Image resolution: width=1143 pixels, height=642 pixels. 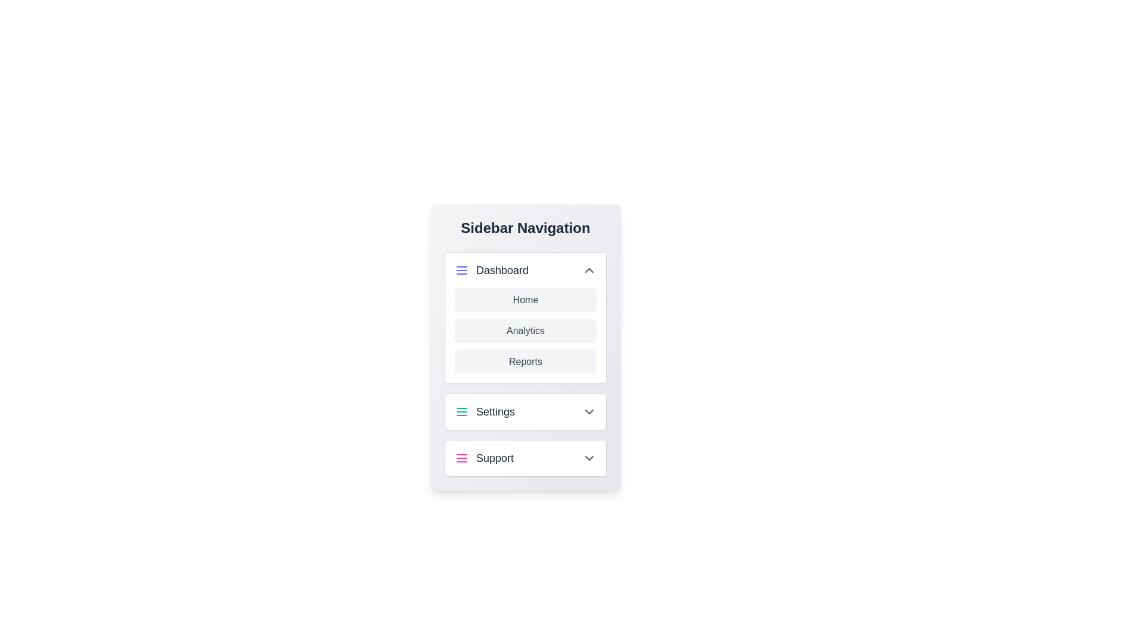 What do you see at coordinates (589, 458) in the screenshot?
I see `the dropdown toggle icon located to the far right of the 'Support' navigation entry in the sidebar` at bounding box center [589, 458].